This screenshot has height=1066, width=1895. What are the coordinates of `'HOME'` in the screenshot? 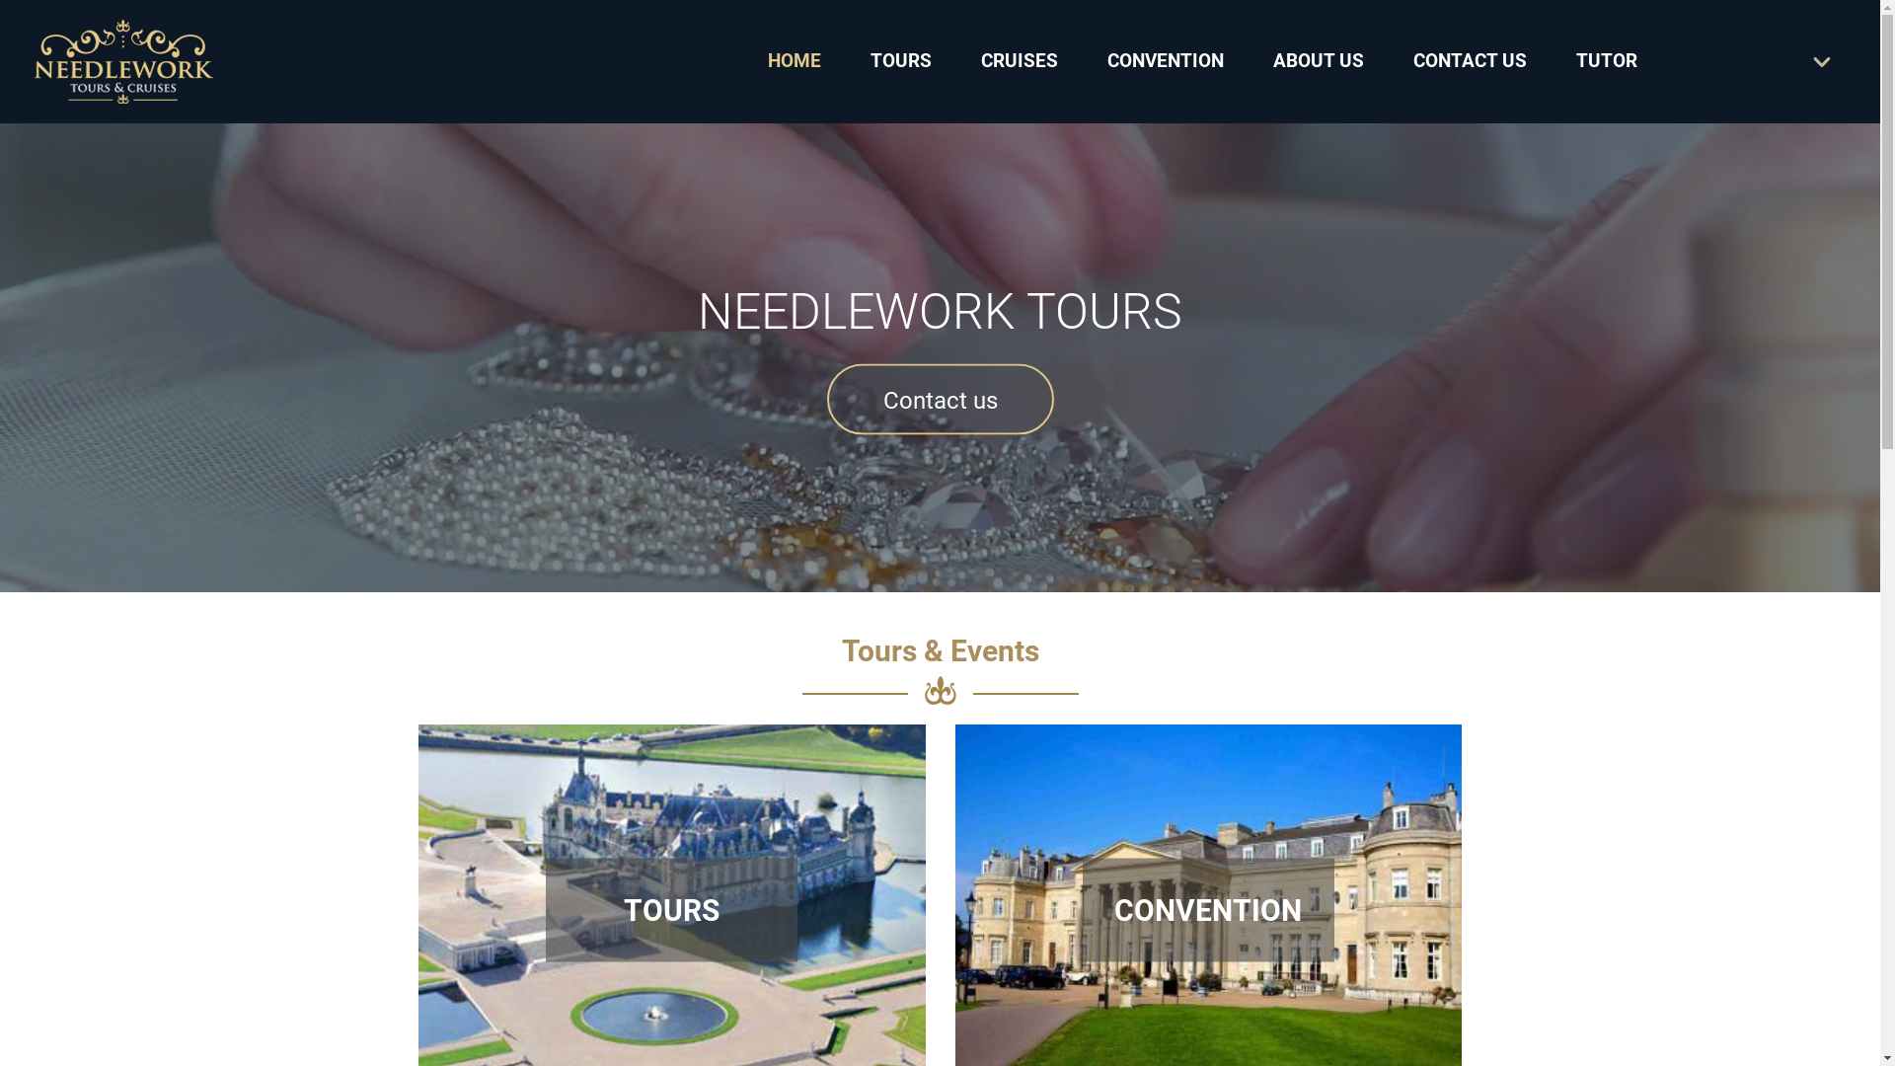 It's located at (766, 60).